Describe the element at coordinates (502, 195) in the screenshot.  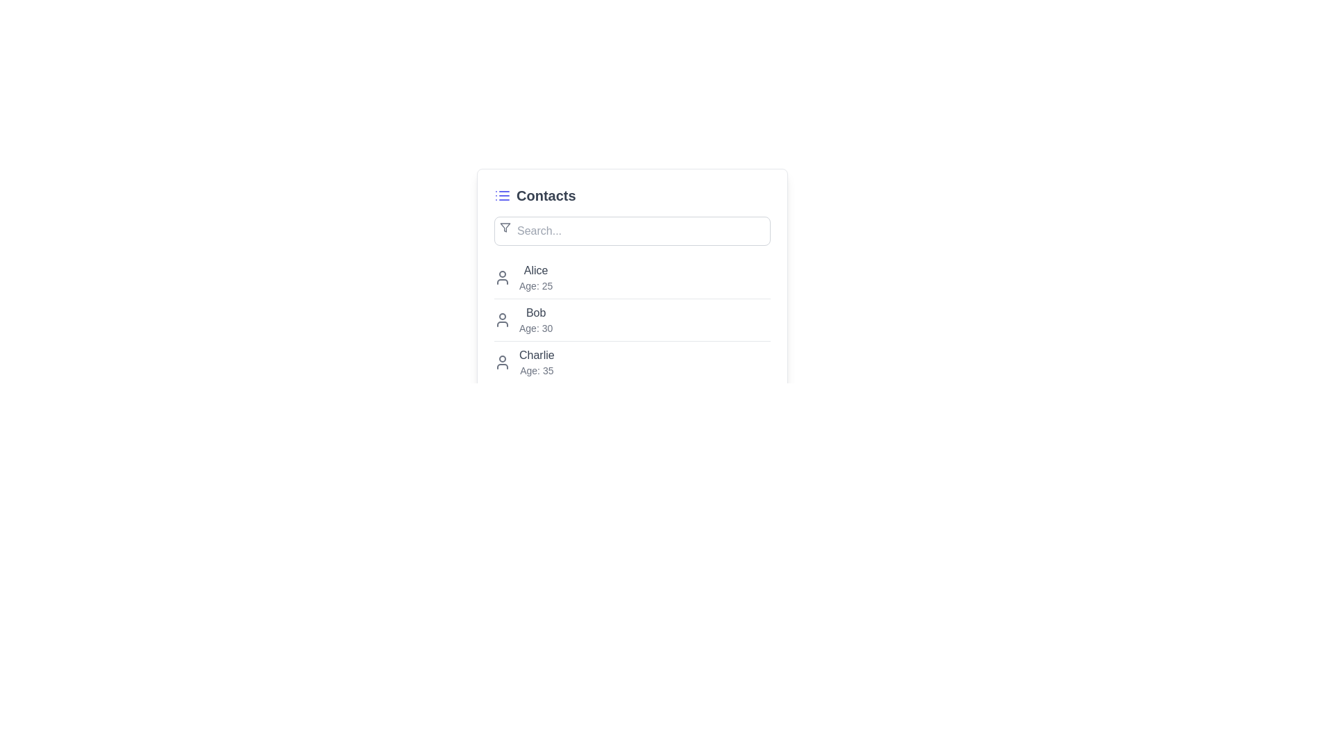
I see `the icon representing a list or menu located to the far left in the header of the 'Contacts' section` at that location.